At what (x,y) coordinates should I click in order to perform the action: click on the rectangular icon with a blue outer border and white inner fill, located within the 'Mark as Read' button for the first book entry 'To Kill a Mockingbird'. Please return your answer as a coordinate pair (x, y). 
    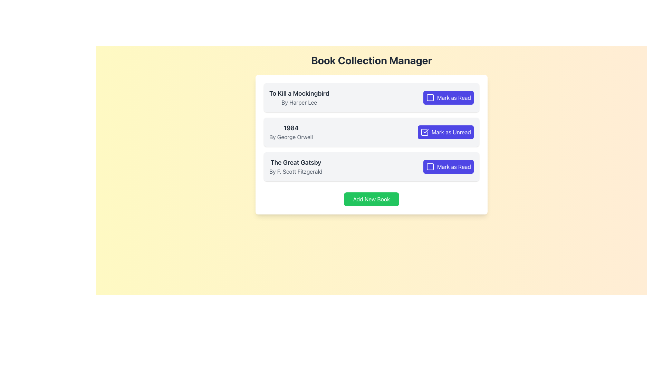
    Looking at the image, I should click on (430, 97).